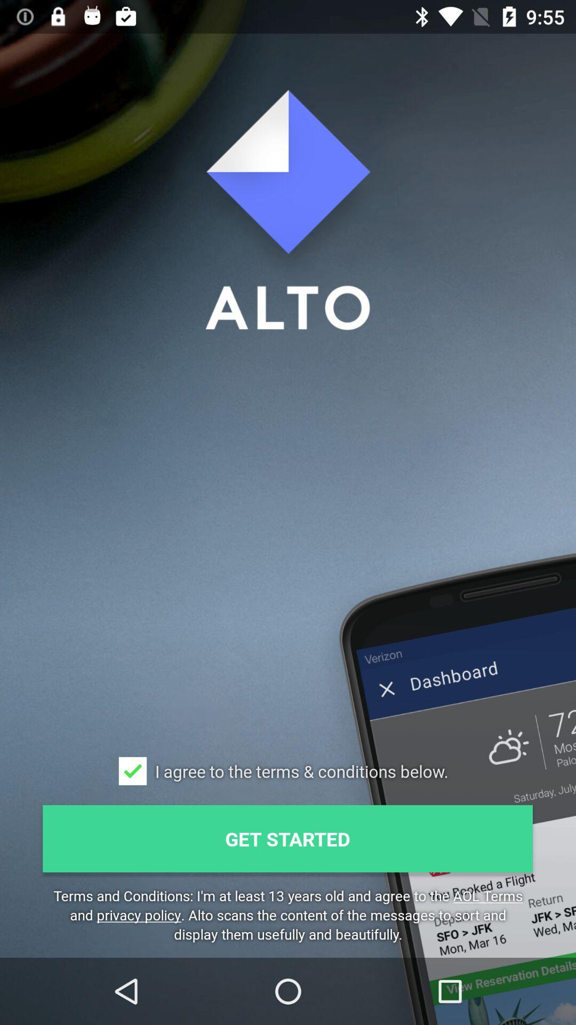  Describe the element at coordinates (132, 771) in the screenshot. I see `icon next to i agree to` at that location.